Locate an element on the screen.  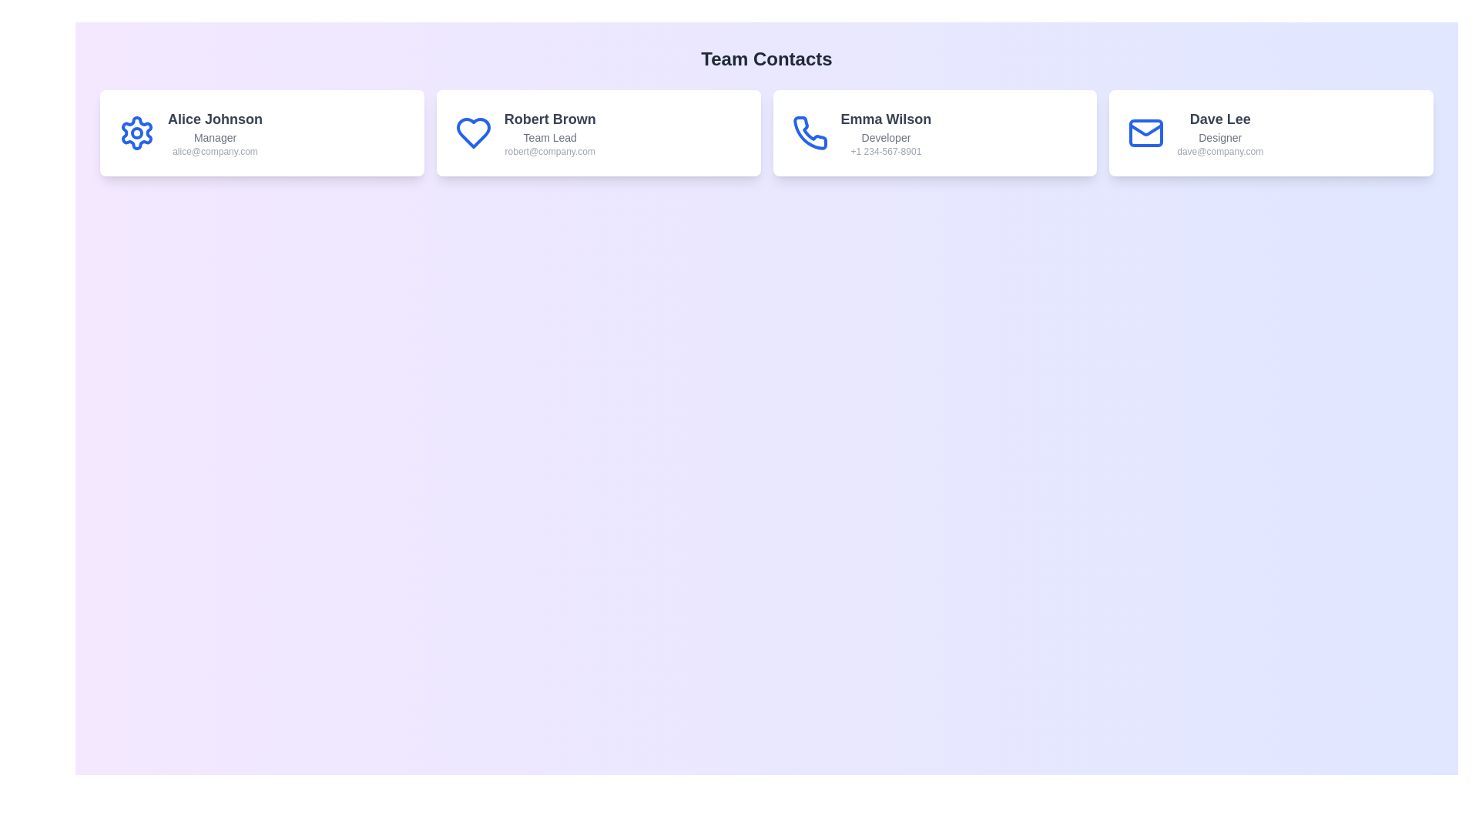
the text block displaying personal information, which includes the name 'Emma Wilson', designation 'Developer', and phone number '+1 234-567-8901', located in the third card widget from the left is located at coordinates (886, 133).